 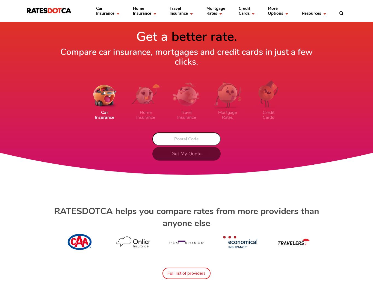 What do you see at coordinates (215, 38) in the screenshot?
I see `'International Students Travel Insurance'` at bounding box center [215, 38].